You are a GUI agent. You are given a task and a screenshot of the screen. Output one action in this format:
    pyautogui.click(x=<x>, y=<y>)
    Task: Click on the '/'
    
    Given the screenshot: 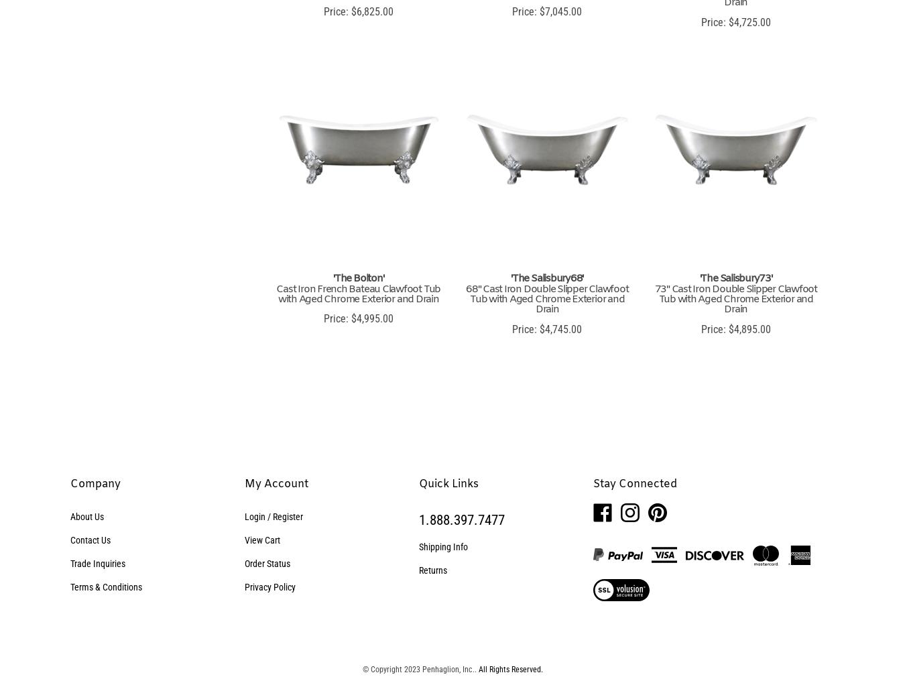 What is the action you would take?
    pyautogui.click(x=268, y=515)
    